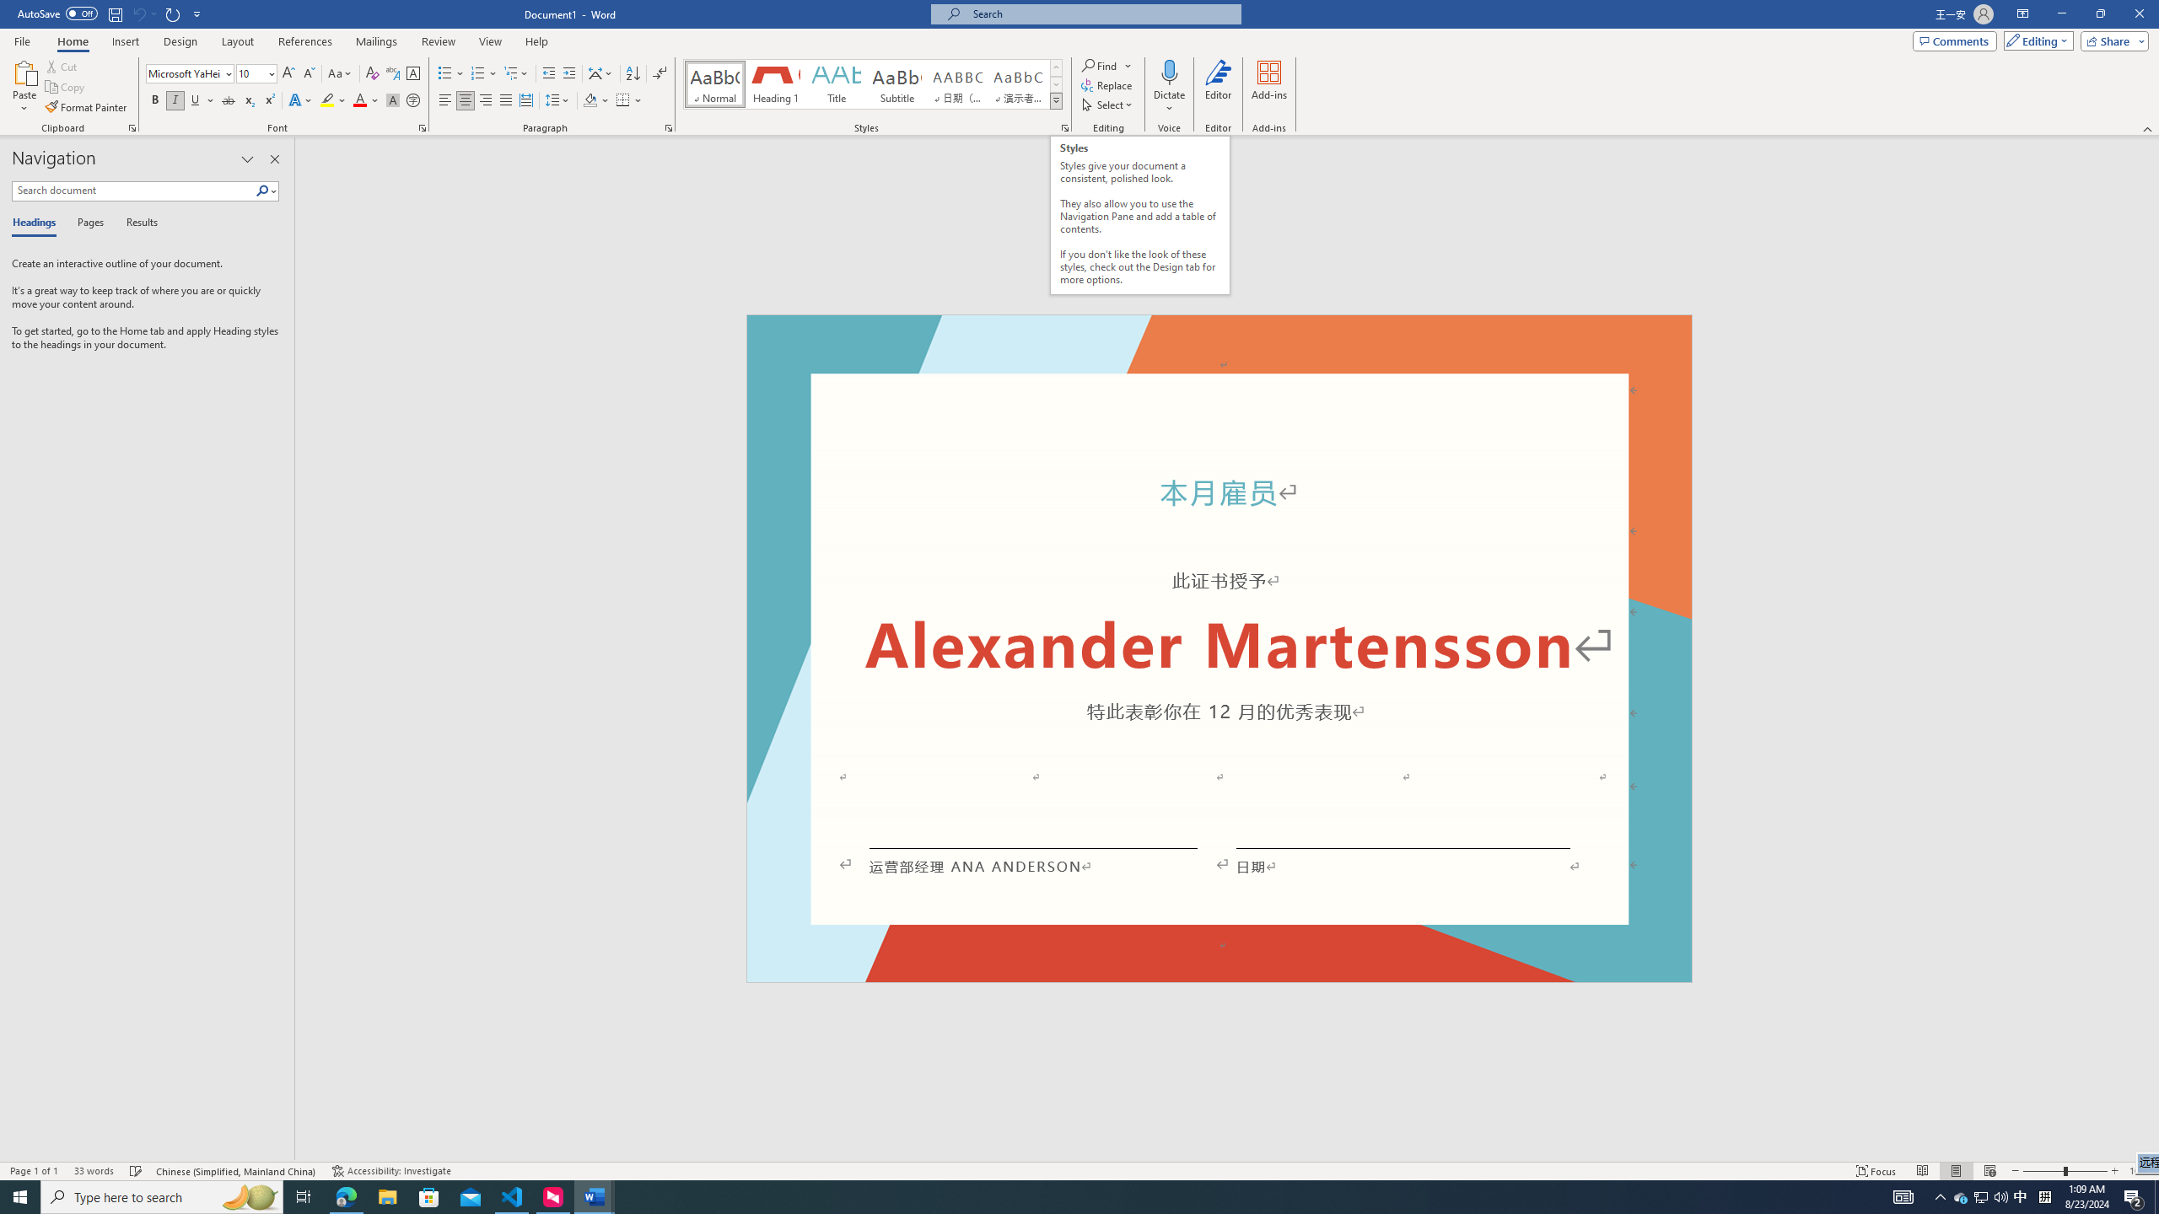 The image size is (2159, 1214). Describe the element at coordinates (135, 223) in the screenshot. I see `'Results'` at that location.